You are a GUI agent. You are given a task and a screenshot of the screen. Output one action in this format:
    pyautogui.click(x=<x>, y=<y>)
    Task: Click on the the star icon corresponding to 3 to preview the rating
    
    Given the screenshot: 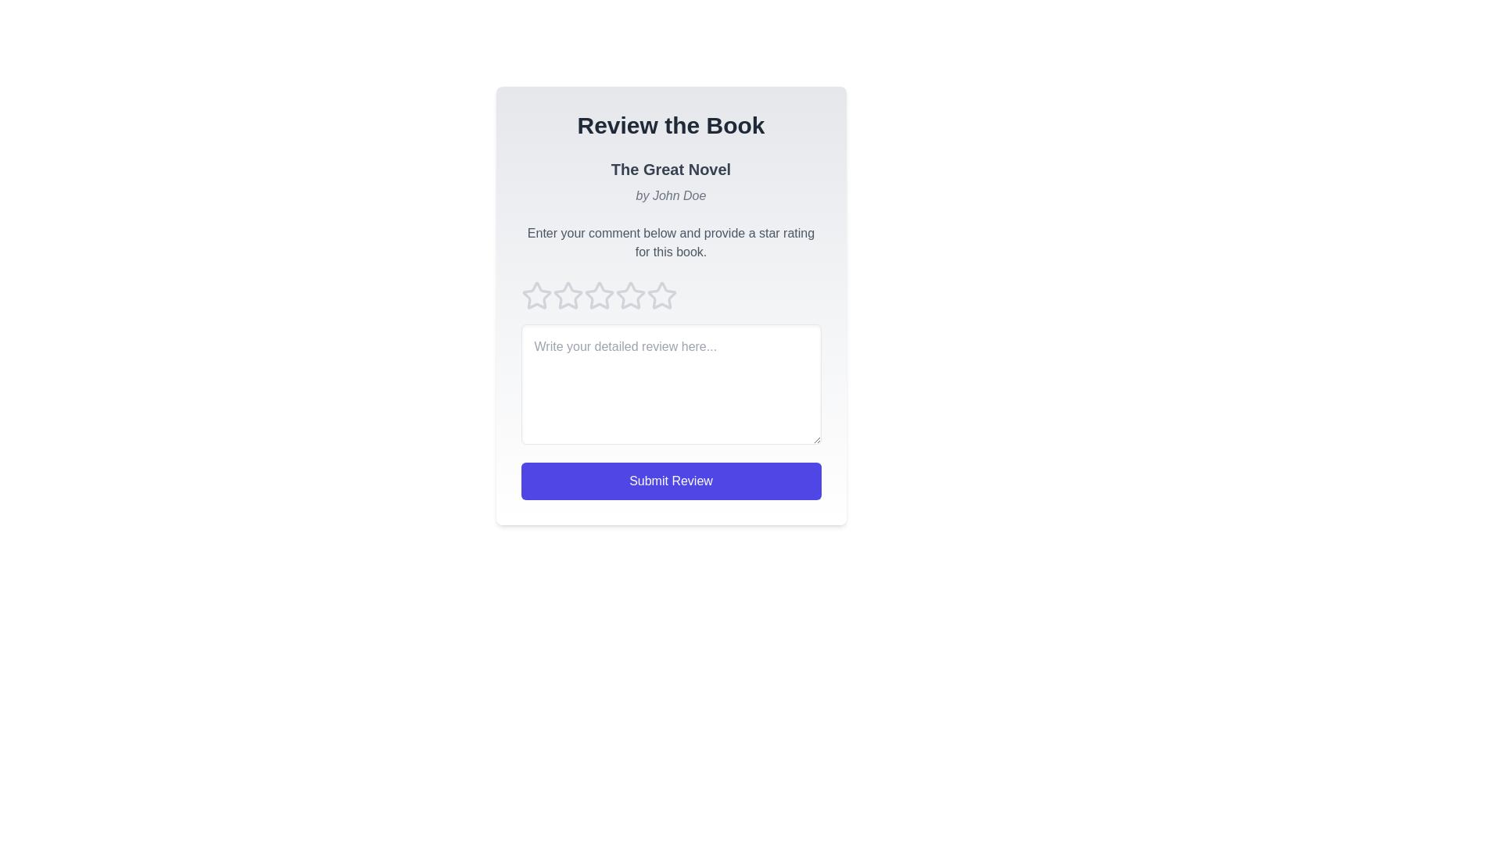 What is the action you would take?
    pyautogui.click(x=598, y=295)
    